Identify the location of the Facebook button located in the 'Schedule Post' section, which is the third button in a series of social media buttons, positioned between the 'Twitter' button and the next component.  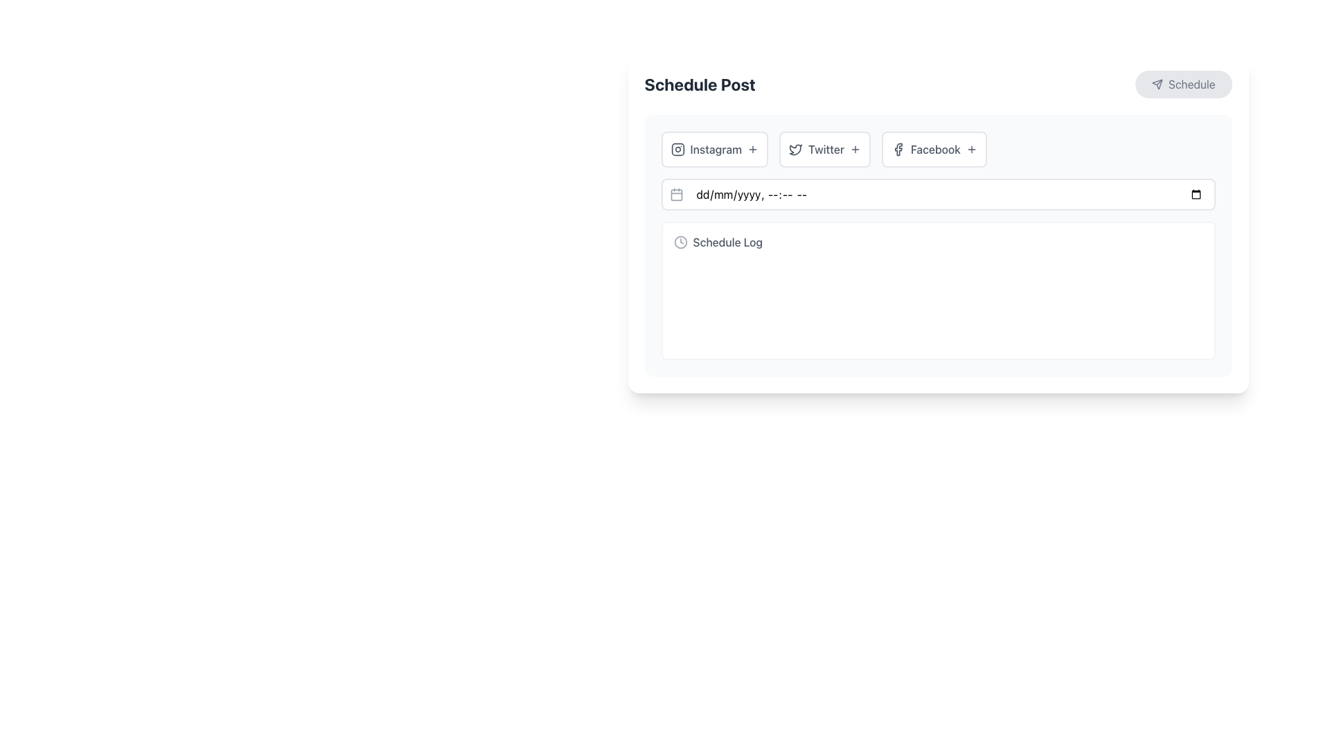
(934, 150).